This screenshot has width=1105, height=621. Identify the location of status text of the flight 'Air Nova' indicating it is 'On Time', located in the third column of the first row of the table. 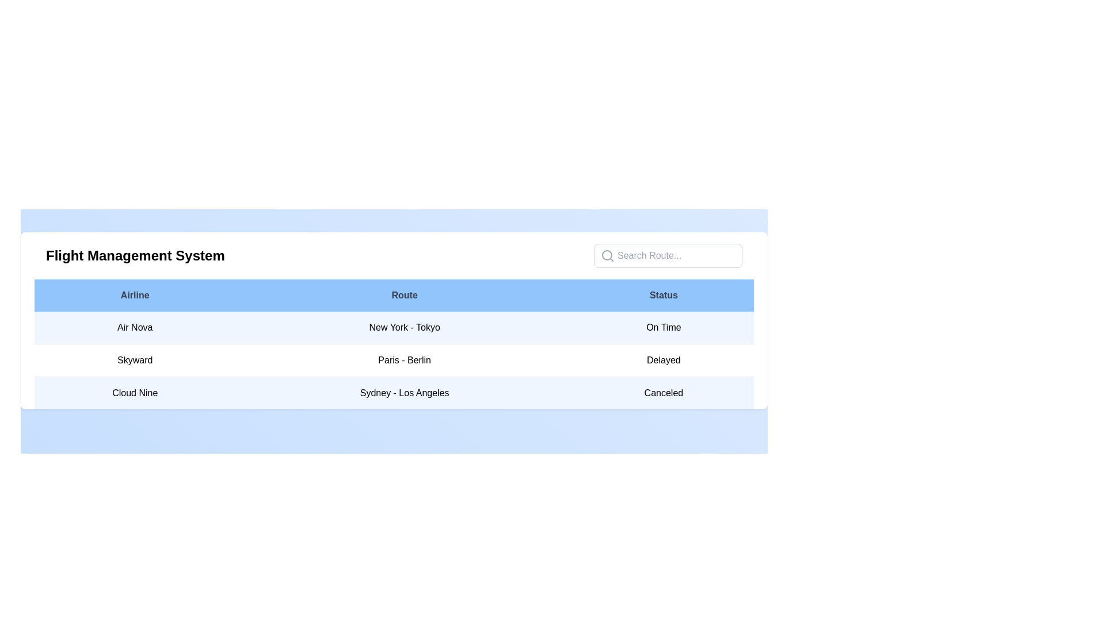
(664, 328).